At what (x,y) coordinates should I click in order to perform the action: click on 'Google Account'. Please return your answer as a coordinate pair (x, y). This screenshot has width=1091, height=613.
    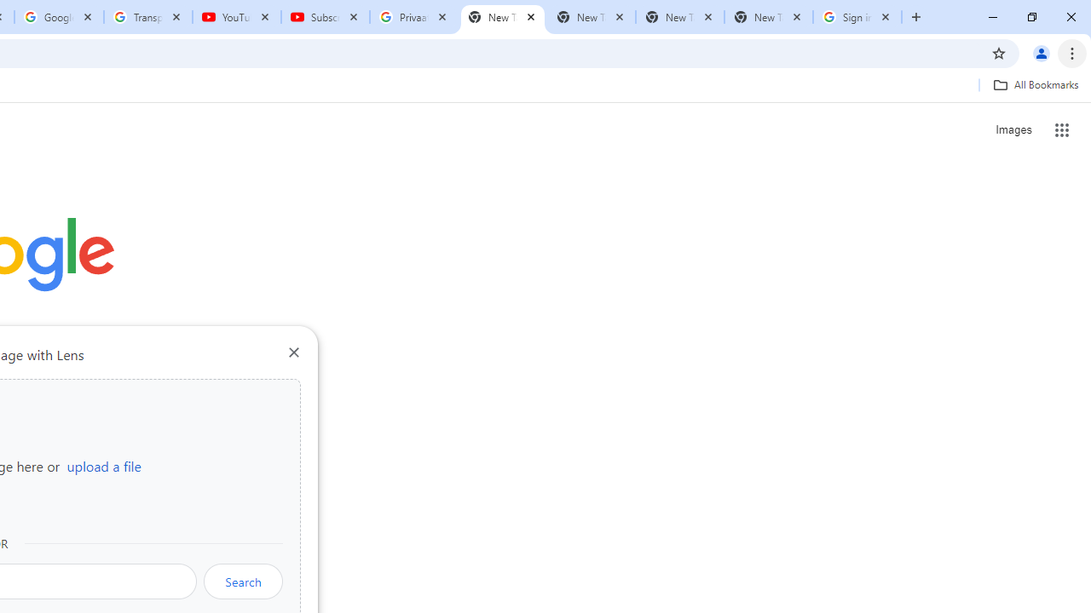
    Looking at the image, I should click on (59, 17).